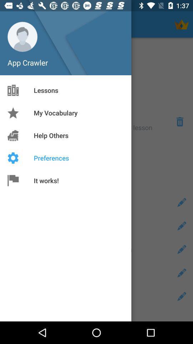 Image resolution: width=193 pixels, height=344 pixels. Describe the element at coordinates (182, 249) in the screenshot. I see `the edit icon` at that location.